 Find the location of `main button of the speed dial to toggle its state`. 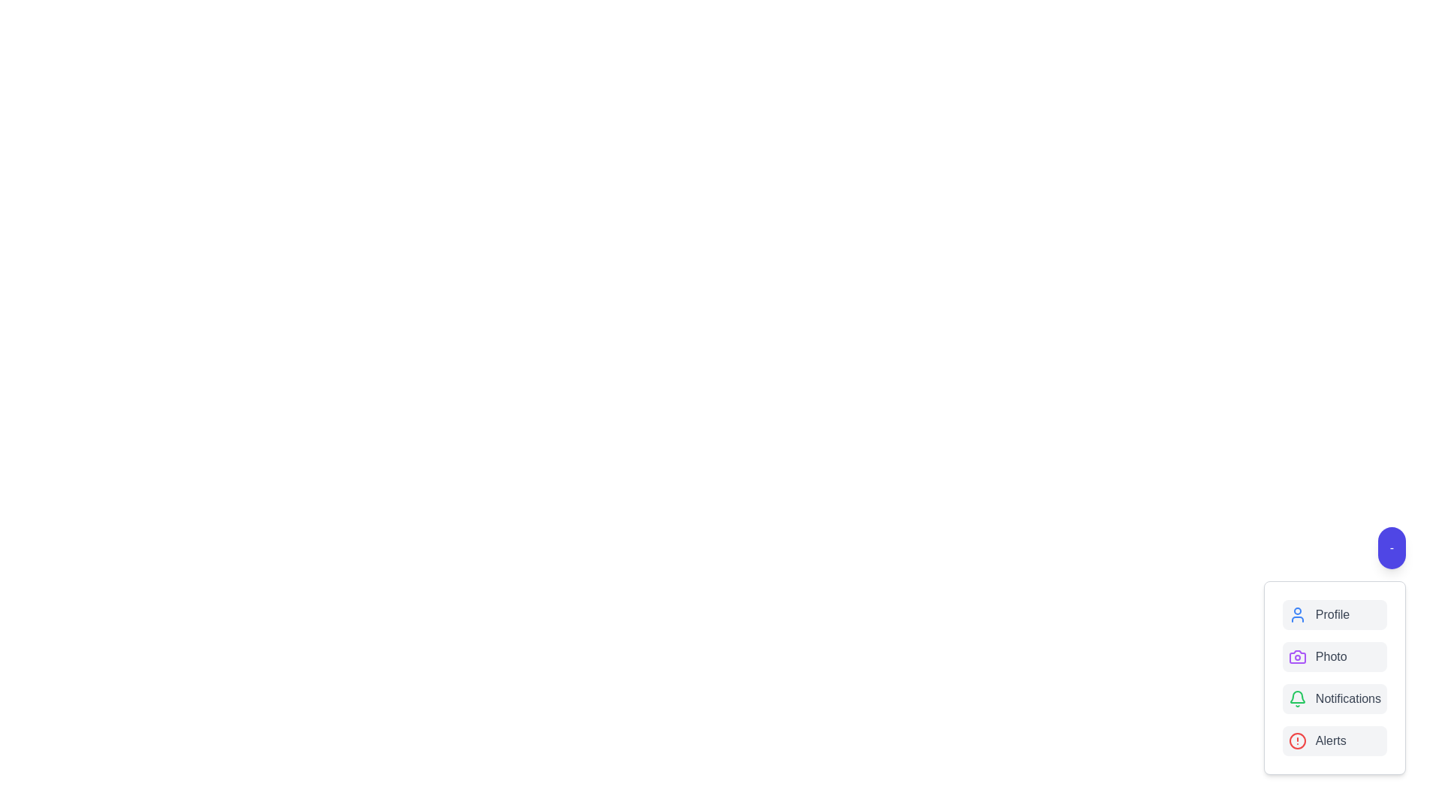

main button of the speed dial to toggle its state is located at coordinates (1390, 547).